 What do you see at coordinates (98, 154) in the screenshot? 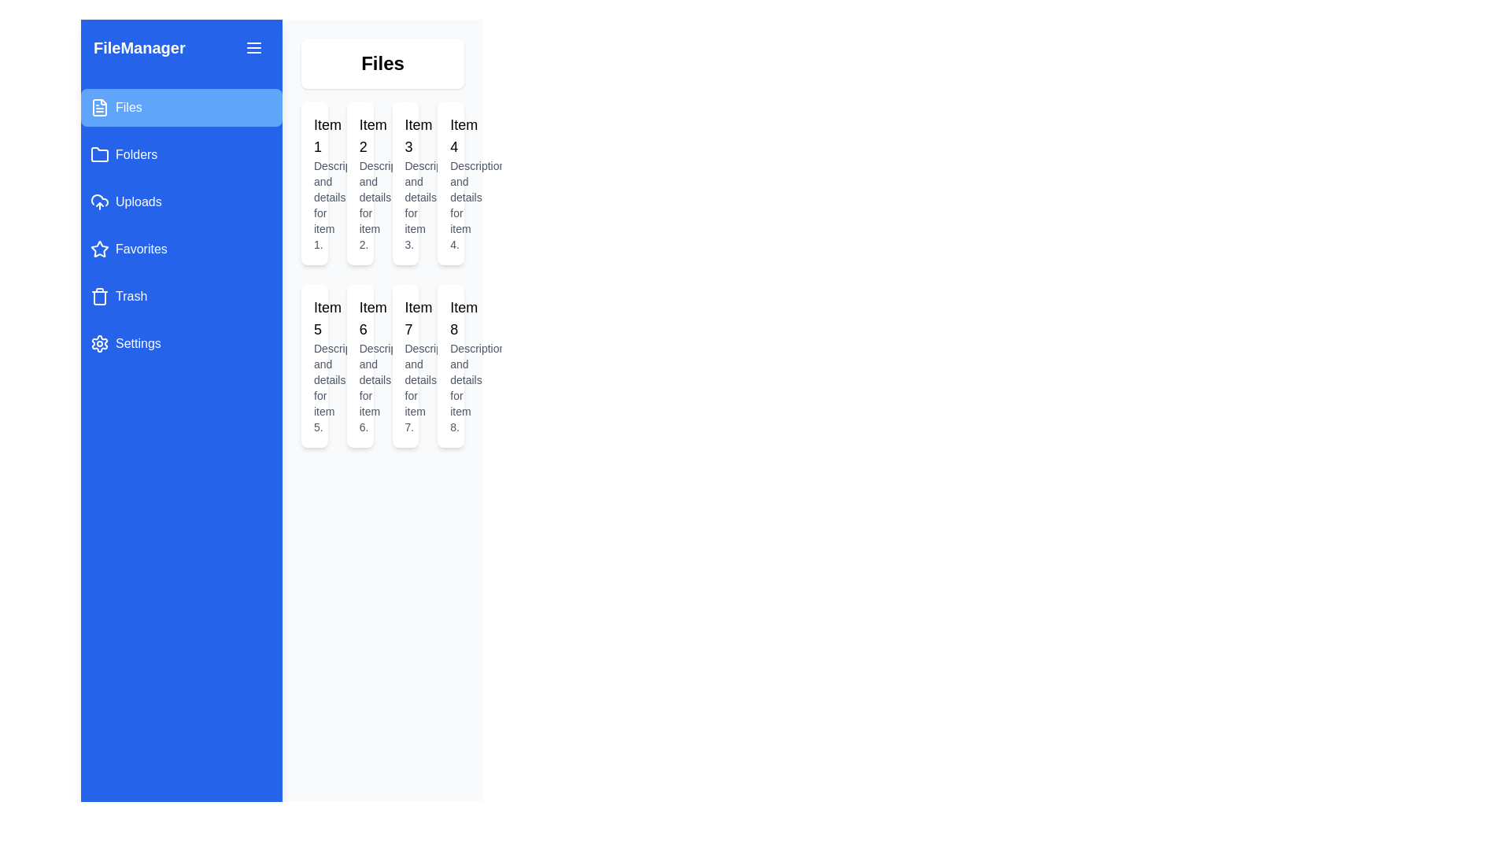
I see `the blue folder icon located in the second position of the left vertical navigation panel` at bounding box center [98, 154].